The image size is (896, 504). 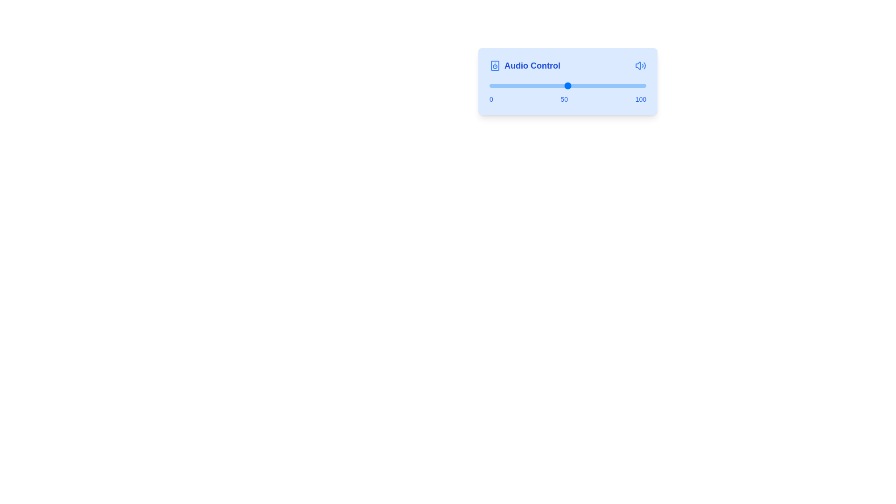 What do you see at coordinates (497, 86) in the screenshot?
I see `the audio level` at bounding box center [497, 86].